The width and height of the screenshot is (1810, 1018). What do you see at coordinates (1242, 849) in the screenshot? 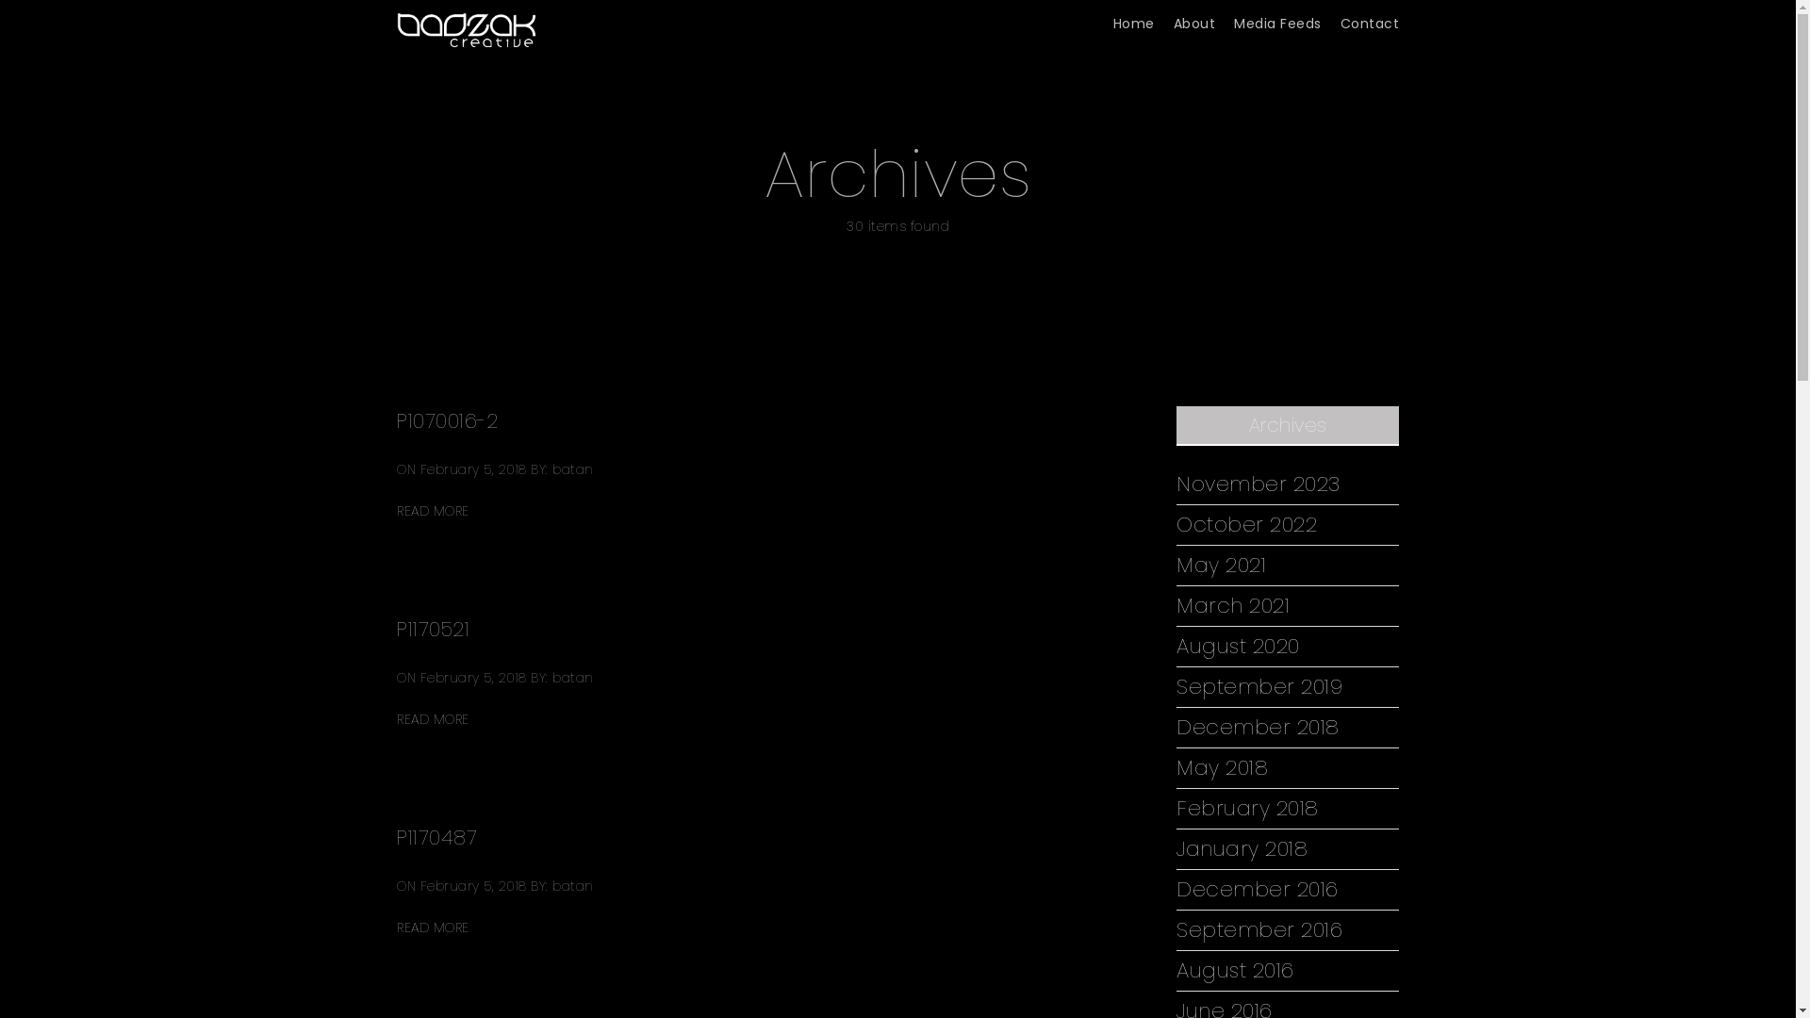
I see `'January 2018'` at bounding box center [1242, 849].